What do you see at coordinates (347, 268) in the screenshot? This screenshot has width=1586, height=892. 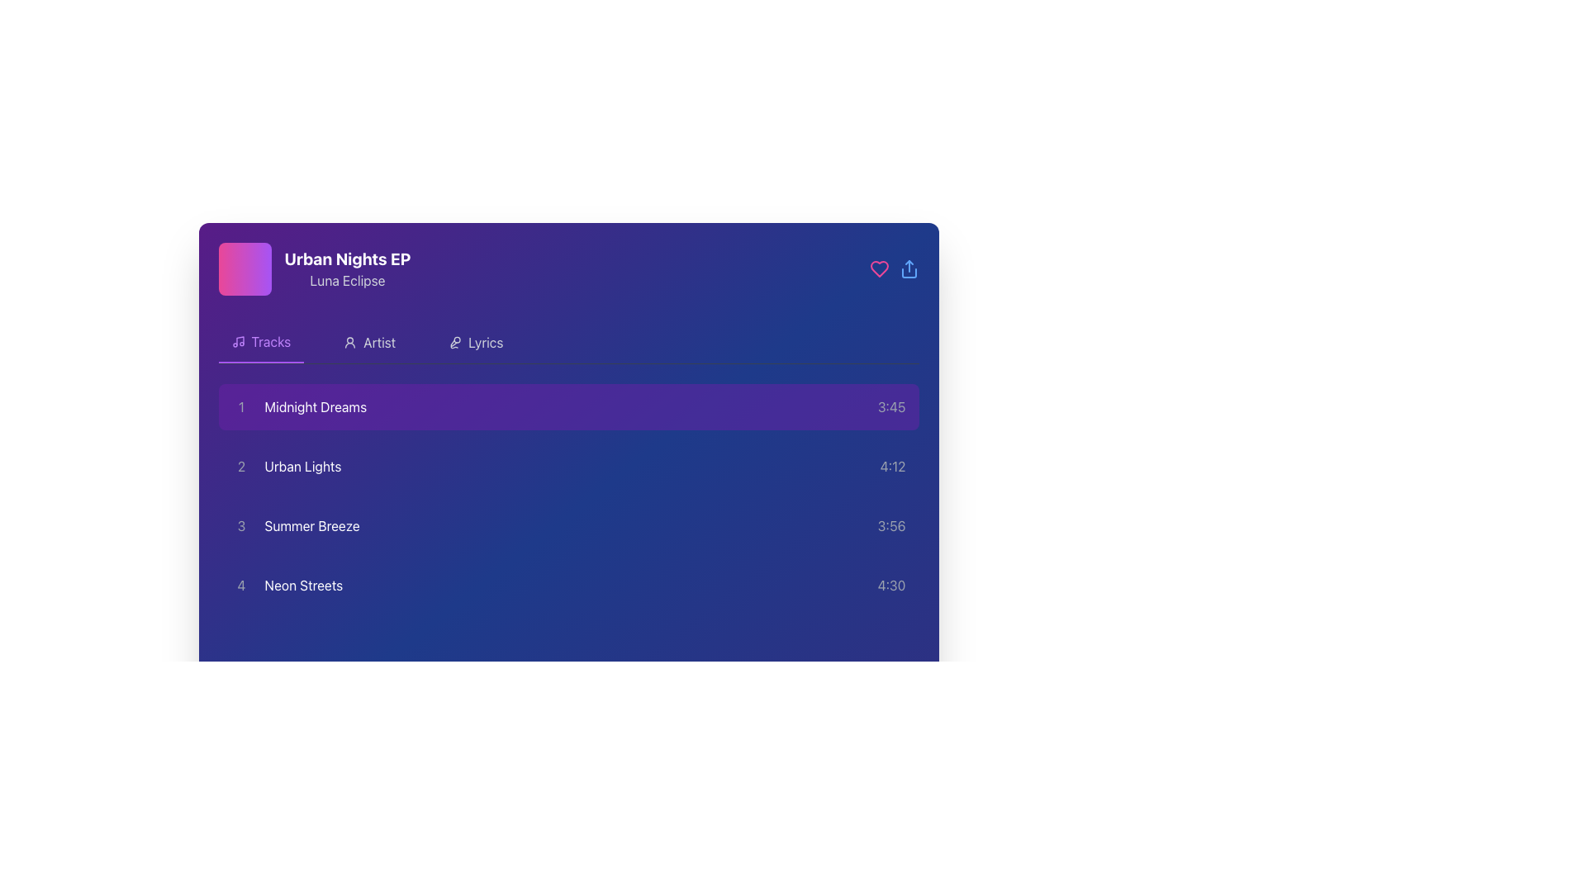 I see `information from the Text label displaying the title 'Urban Nights EP' and subtitle 'Luna Eclipse', which is positioned in the top-right area of the interface next to a gradient-colored square graphic` at bounding box center [347, 268].